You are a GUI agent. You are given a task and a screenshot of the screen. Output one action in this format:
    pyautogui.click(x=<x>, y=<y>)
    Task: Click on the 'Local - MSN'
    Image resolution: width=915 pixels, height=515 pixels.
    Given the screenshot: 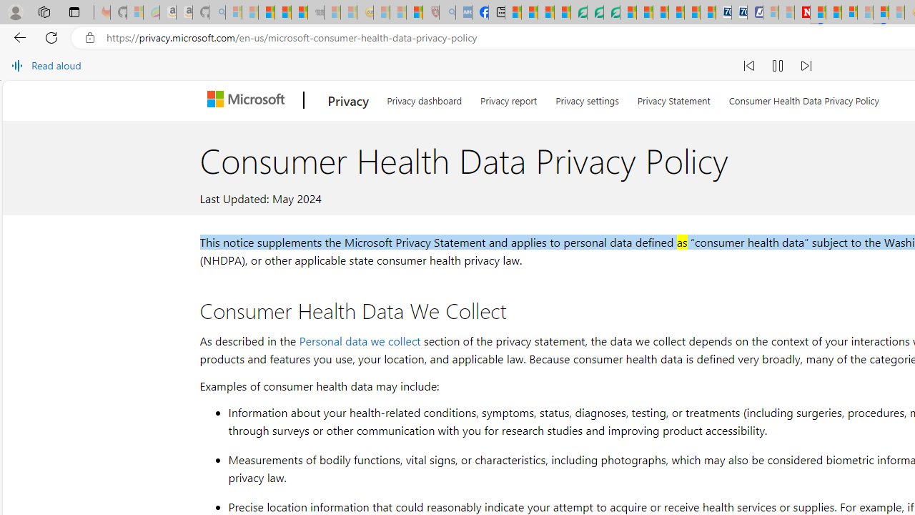 What is the action you would take?
    pyautogui.click(x=414, y=12)
    